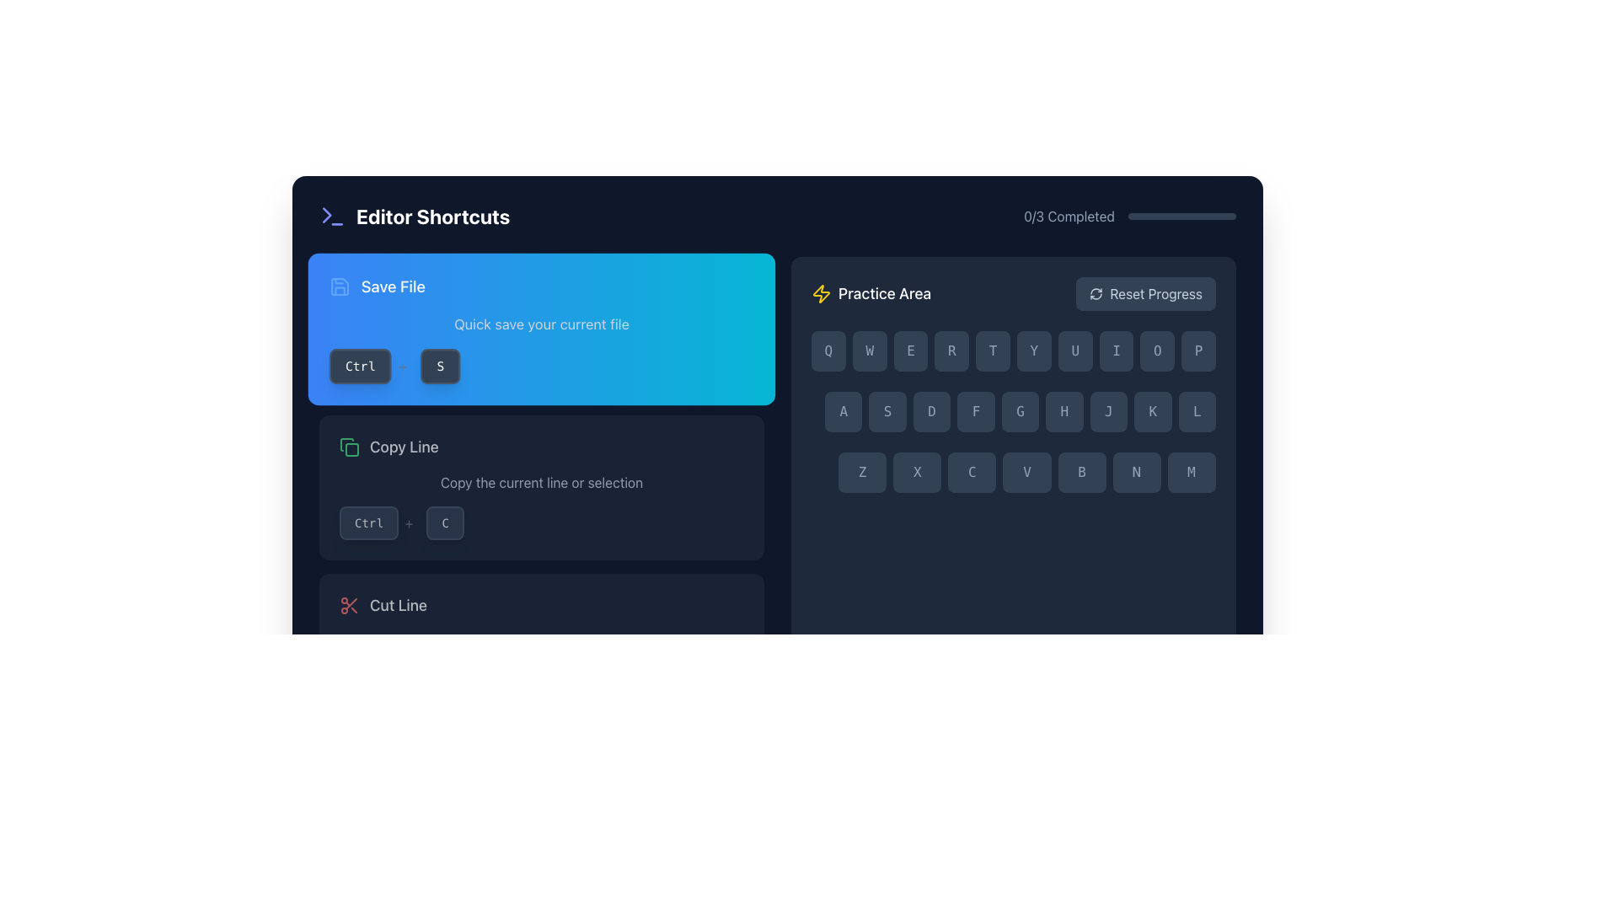  What do you see at coordinates (327, 214) in the screenshot?
I see `the Triangle-shaped marker within the SVG graphic symbol that indicates actionability, located to the left of the 'Editor Shortcuts' title in the top-left section of the interface` at bounding box center [327, 214].